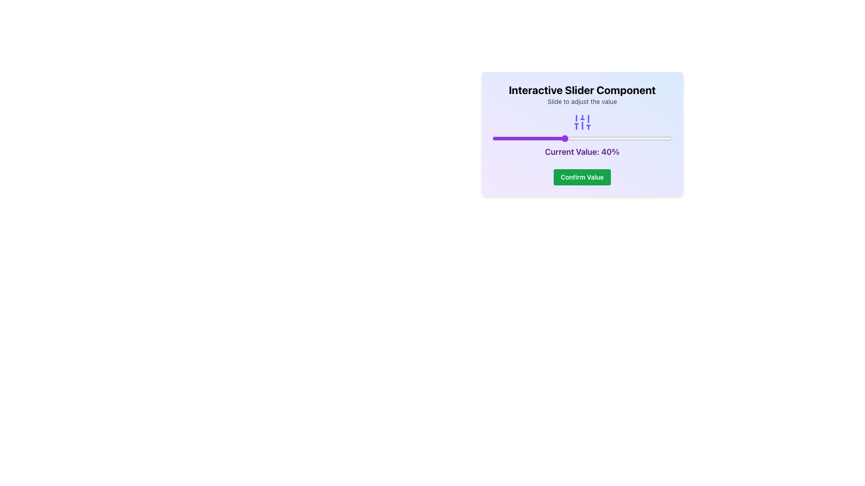 Image resolution: width=865 pixels, height=486 pixels. Describe the element at coordinates (582, 135) in the screenshot. I see `displayed value from the text label that reads 'Current Value: 40%', which is styled with a purple font and located beneath a horizontal slider` at that location.